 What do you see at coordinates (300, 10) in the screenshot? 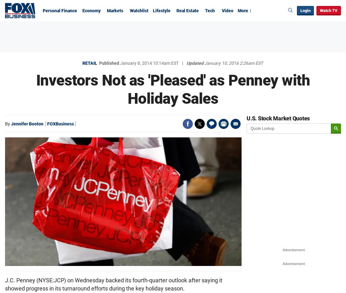
I see `'Login'` at bounding box center [300, 10].